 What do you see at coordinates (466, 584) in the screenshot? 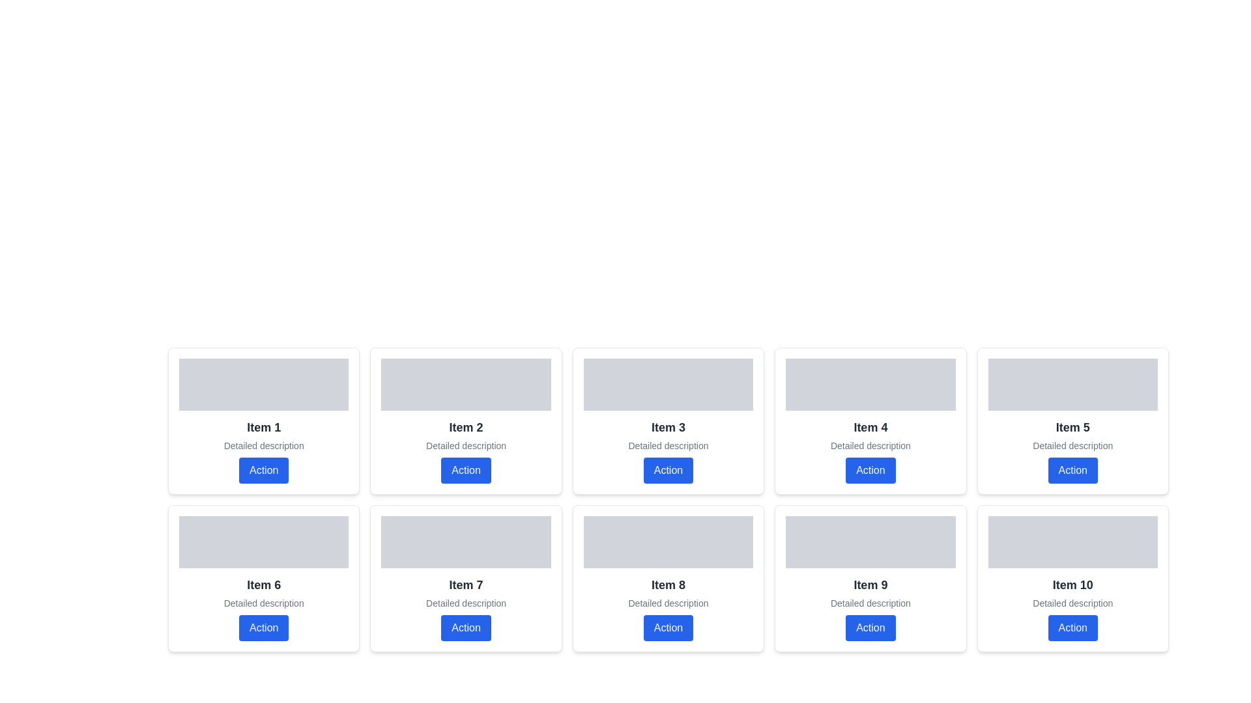
I see `the text label identifying it as 'Item 7', located in the second row and third column of the grid layout` at bounding box center [466, 584].